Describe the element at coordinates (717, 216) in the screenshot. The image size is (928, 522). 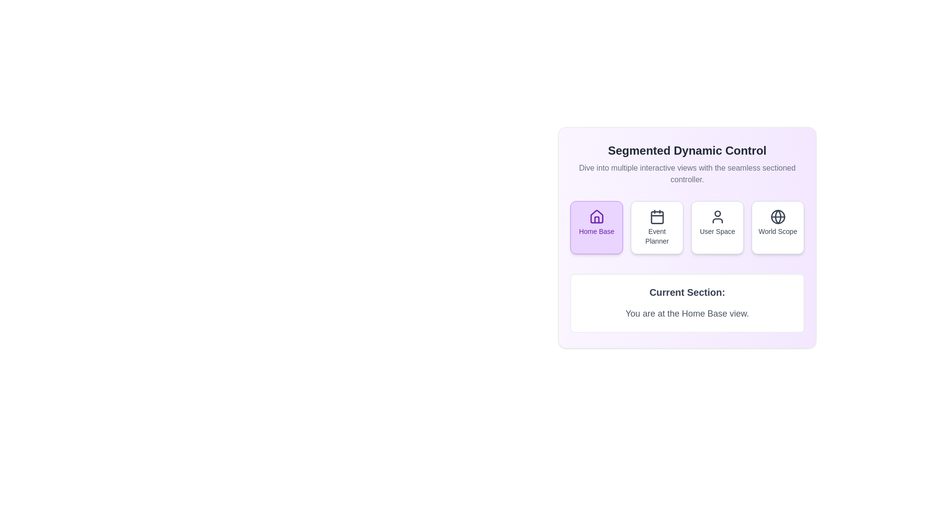
I see `the user profile icon, which is represented as a simplified outline of a person with a circular head and body, located within the 'User Space' button in the 'Segmented Dynamic Control' section` at that location.